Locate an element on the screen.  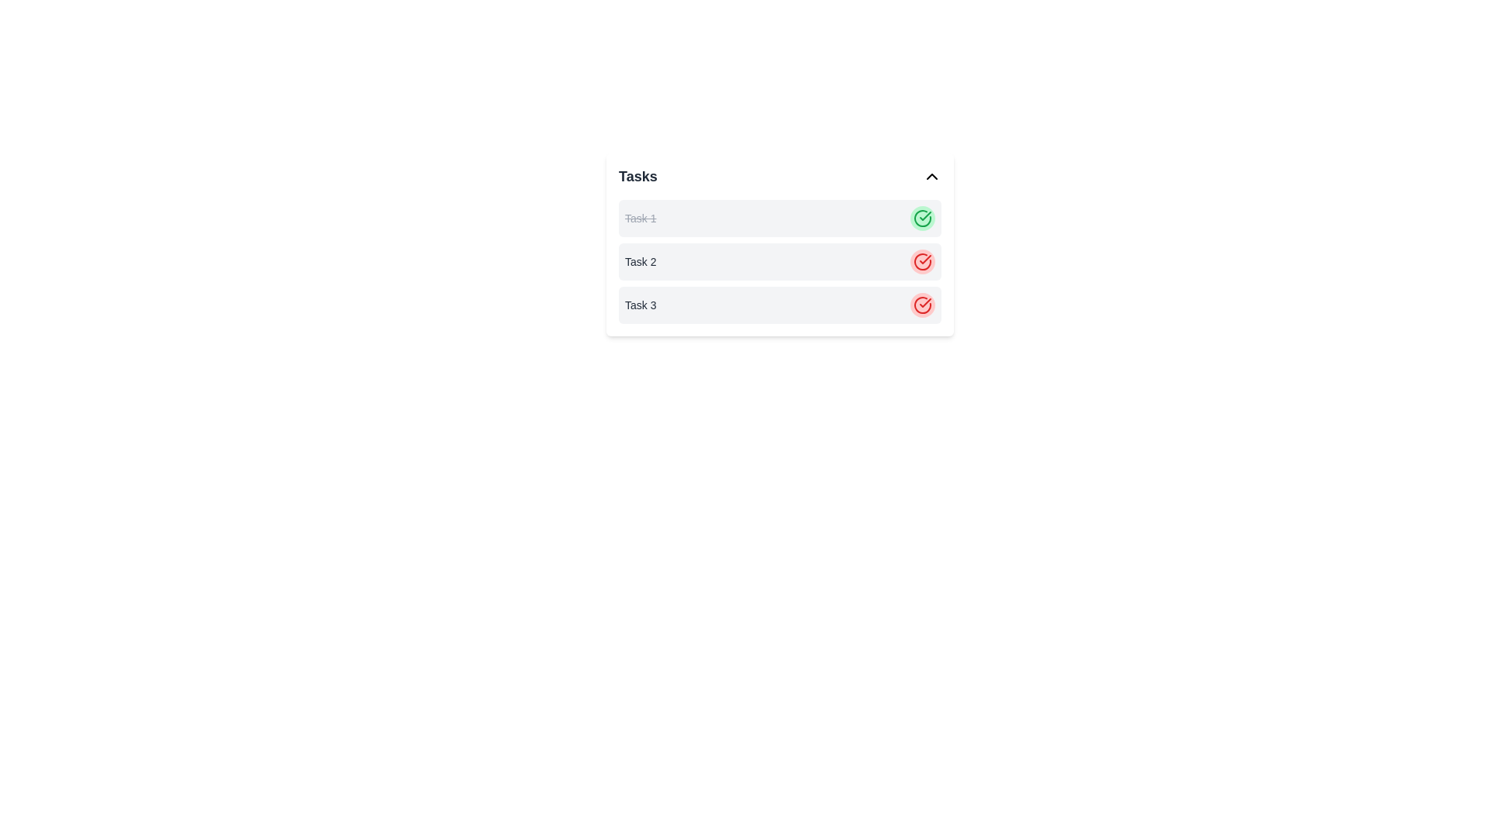
the vector icon representing a check mark, which serves as an indicator of an unresolved or errored state for Task 3 is located at coordinates (925, 302).